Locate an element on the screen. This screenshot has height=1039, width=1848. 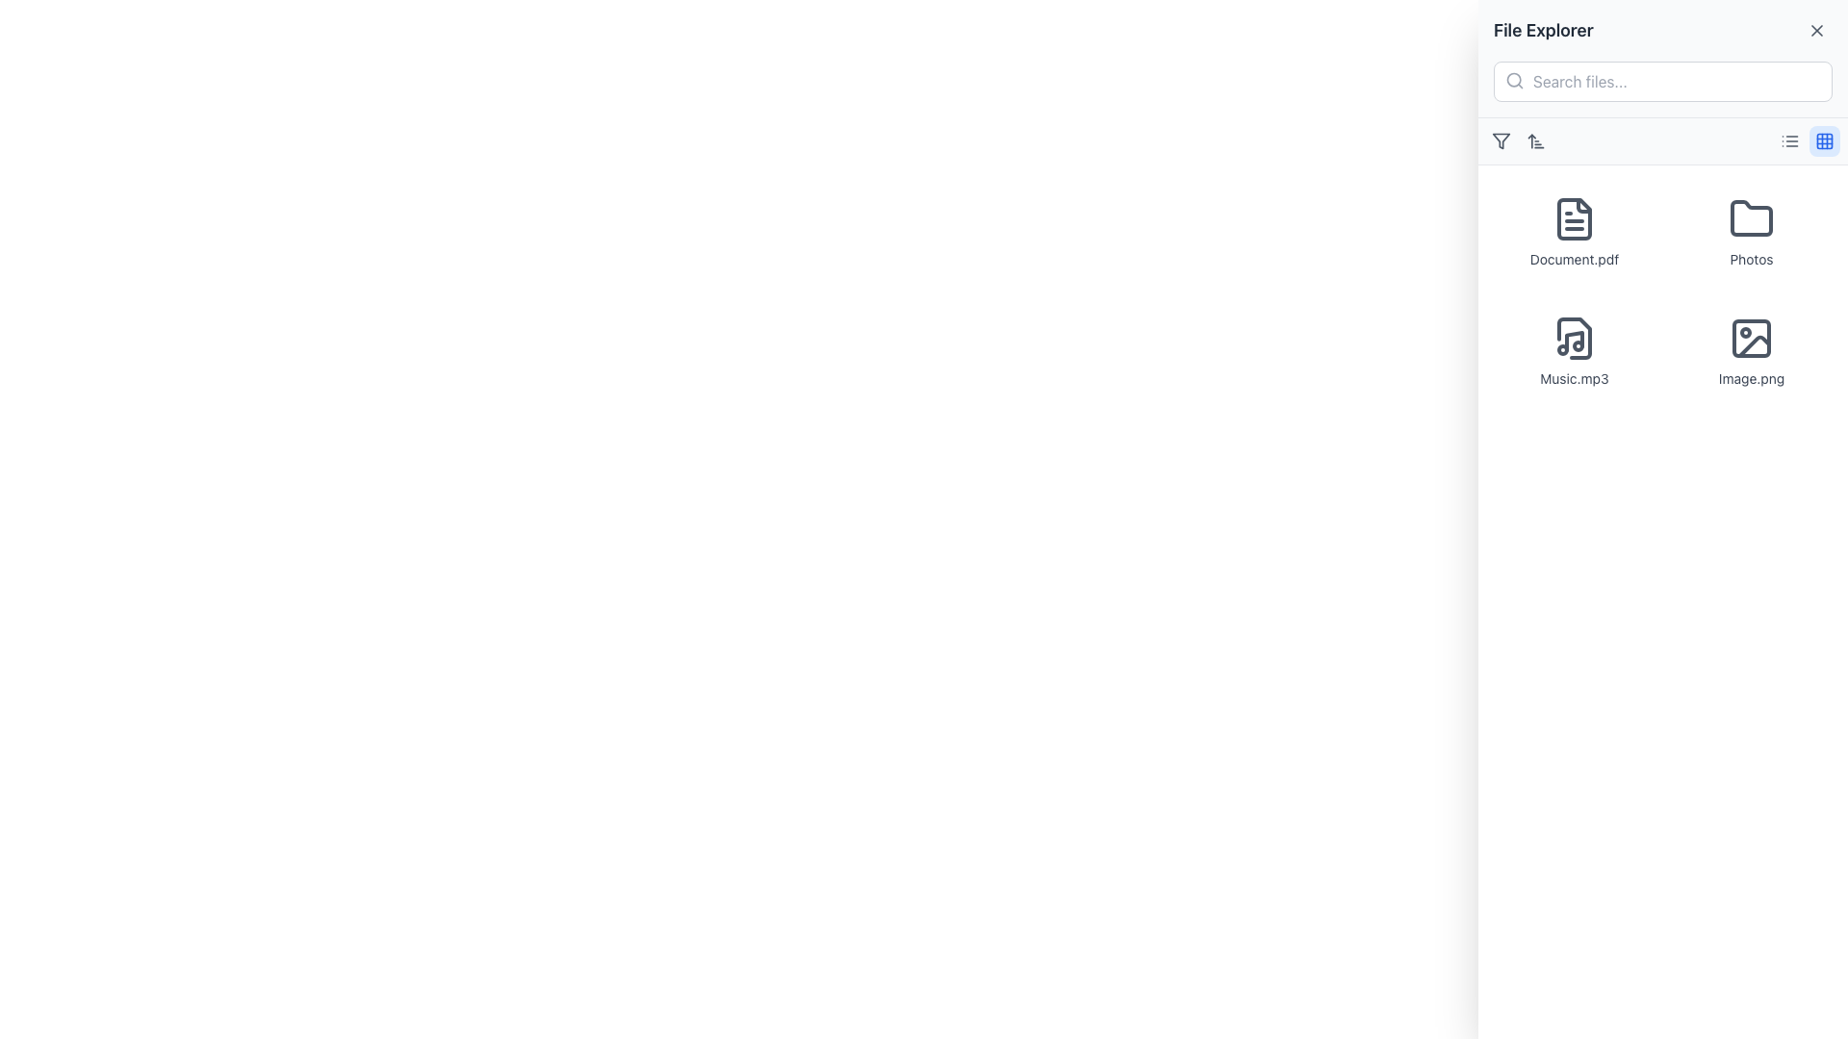
the 'Photos' label text element, which is styled with a small font size and gray color, located beneath a folder icon in the File Explorer's grid layout is located at coordinates (1751, 260).